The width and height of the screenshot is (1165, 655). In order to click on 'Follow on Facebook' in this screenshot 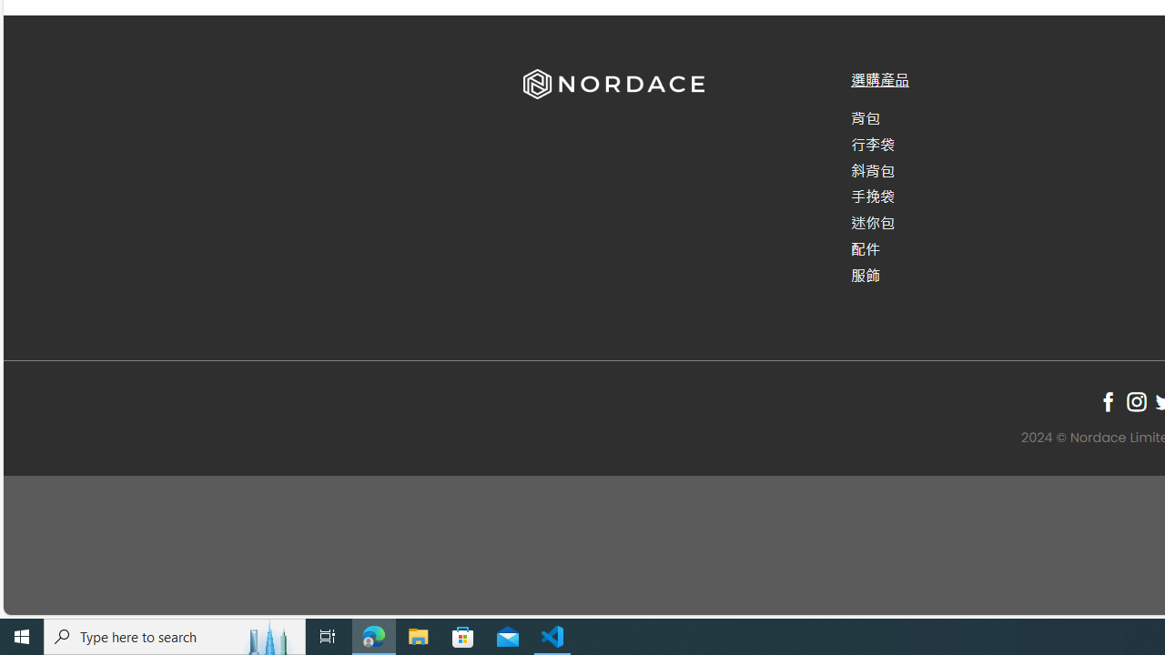, I will do `click(1107, 400)`.